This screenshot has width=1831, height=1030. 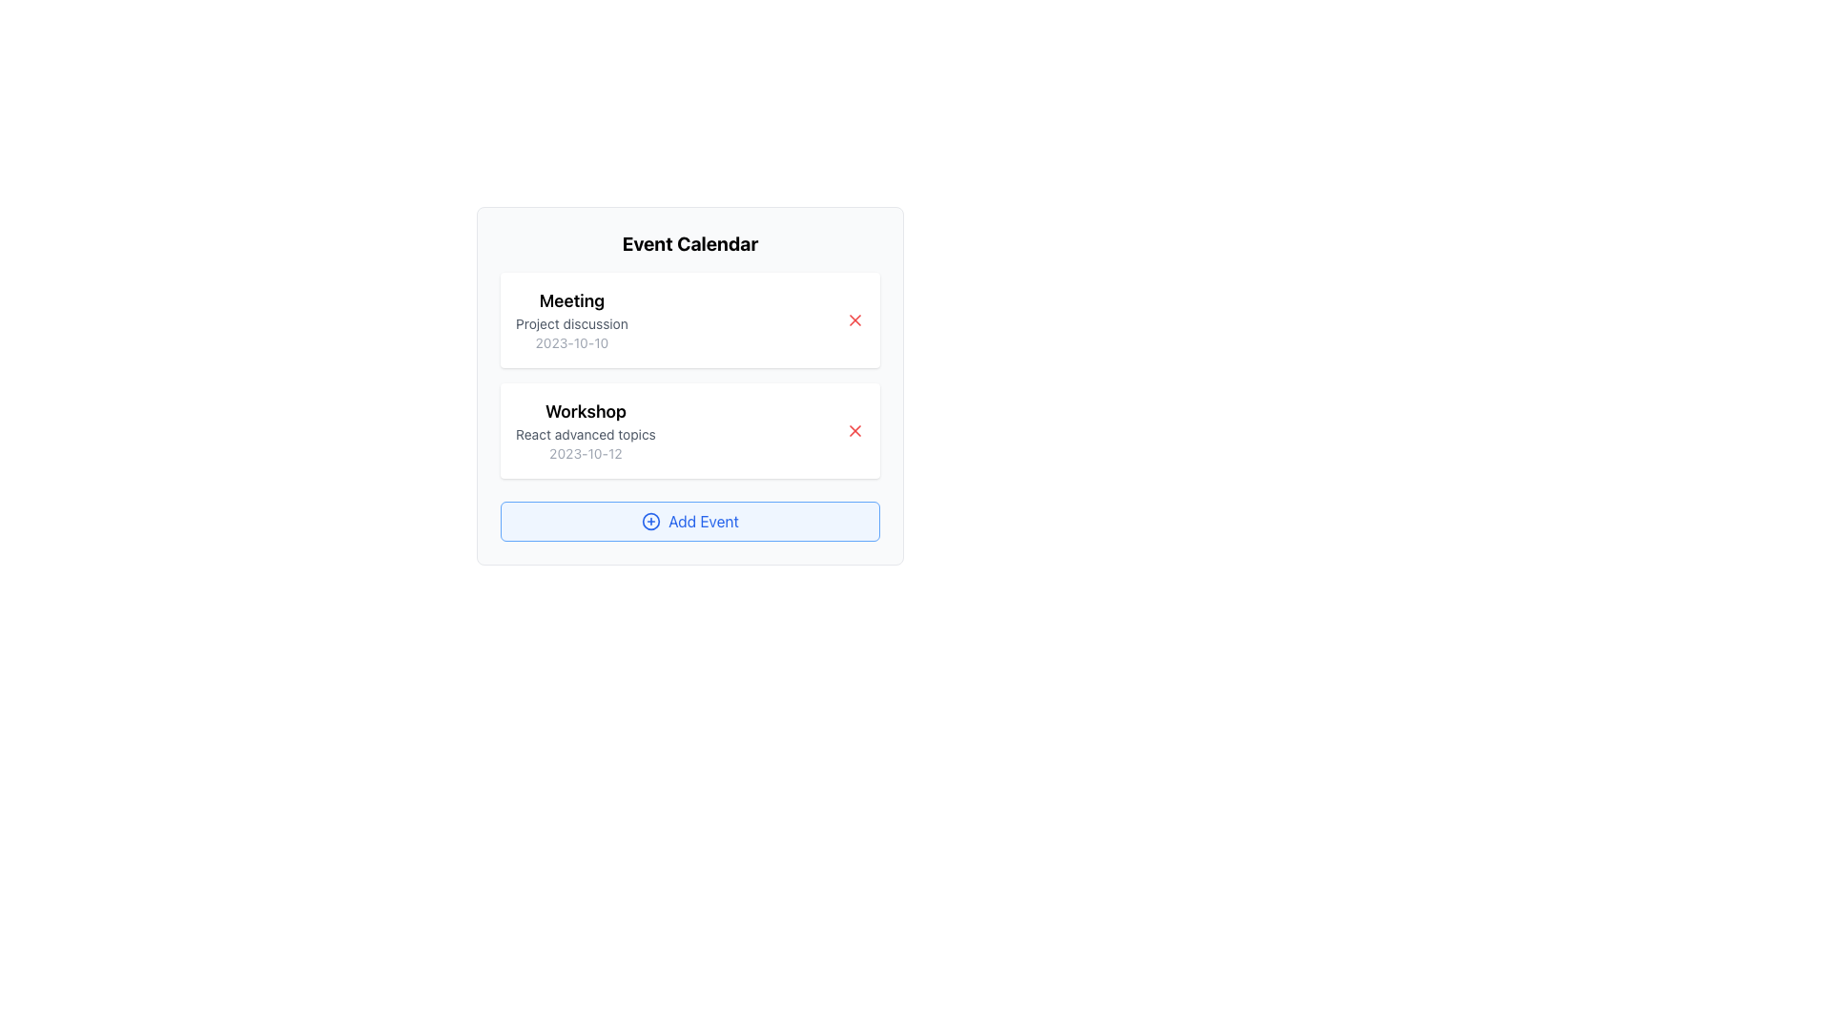 I want to click on the SVG Icon that represents the action of adding an event, located centrally within the 'Add Event' button, so click(x=651, y=522).